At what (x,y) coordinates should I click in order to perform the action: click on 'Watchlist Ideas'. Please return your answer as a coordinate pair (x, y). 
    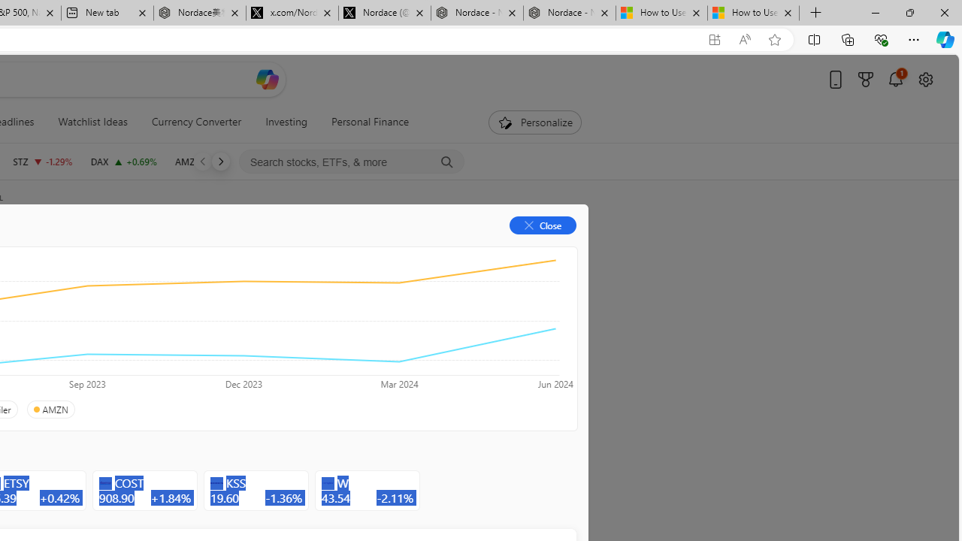
    Looking at the image, I should click on (92, 122).